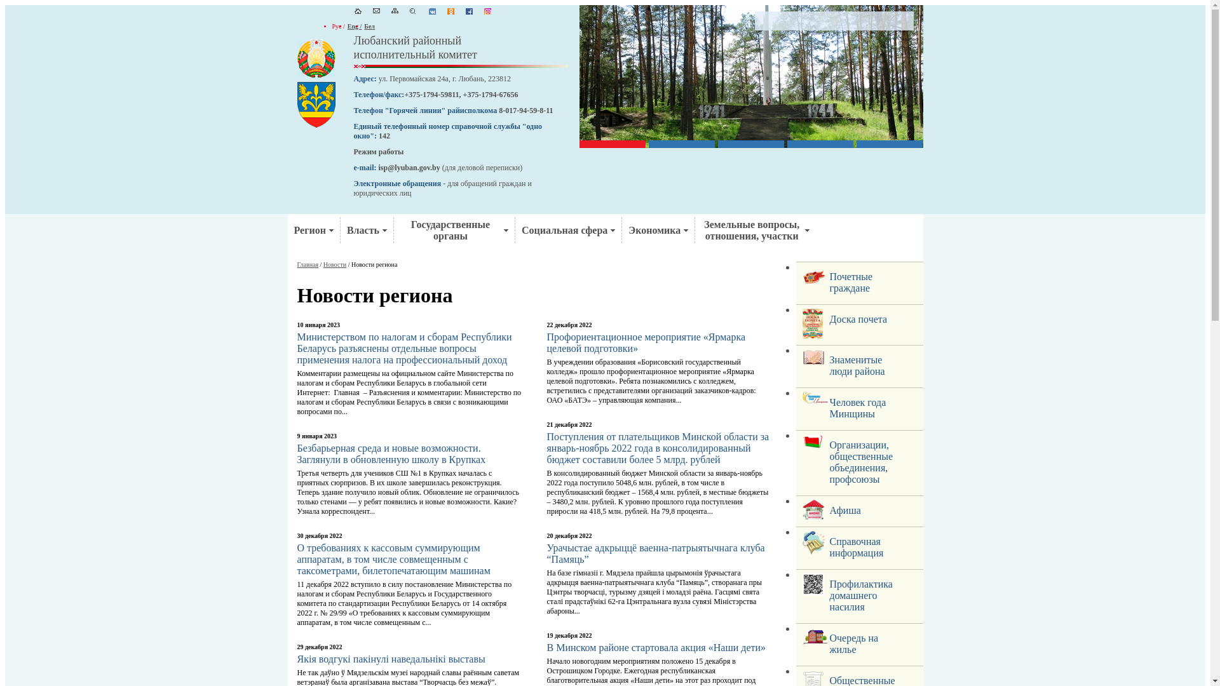 The image size is (1220, 686). I want to click on '+375-1794-67656', so click(490, 94).